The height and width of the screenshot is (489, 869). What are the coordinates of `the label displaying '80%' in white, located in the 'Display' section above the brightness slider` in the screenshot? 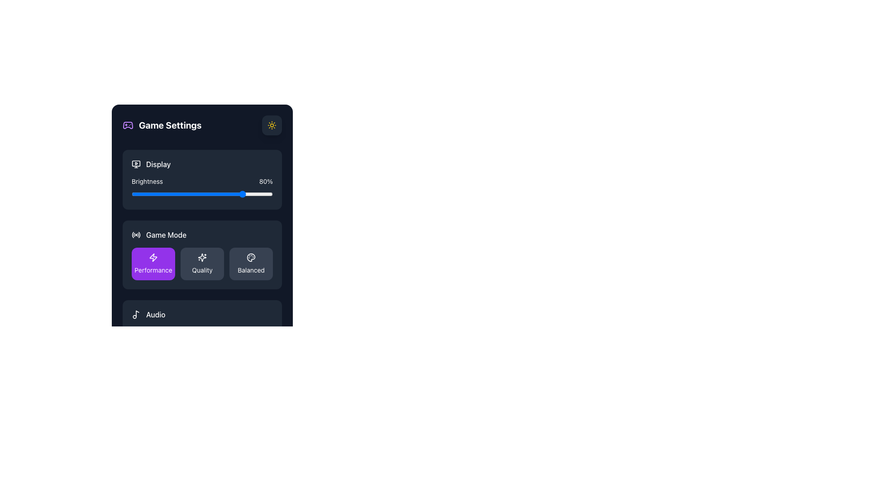 It's located at (265, 182).